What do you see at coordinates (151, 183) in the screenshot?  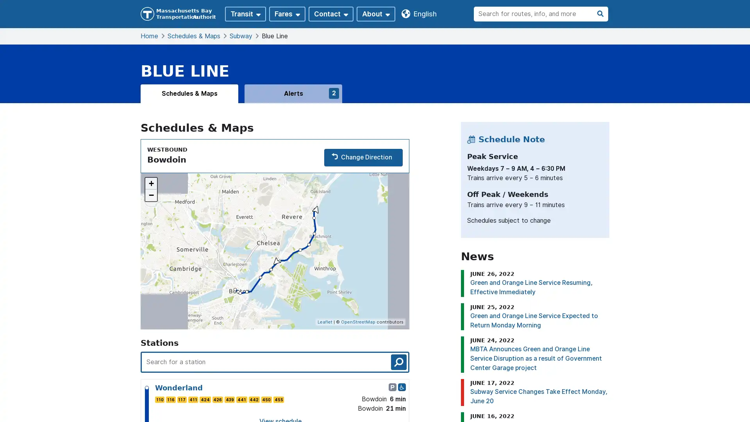 I see `Zoom in` at bounding box center [151, 183].